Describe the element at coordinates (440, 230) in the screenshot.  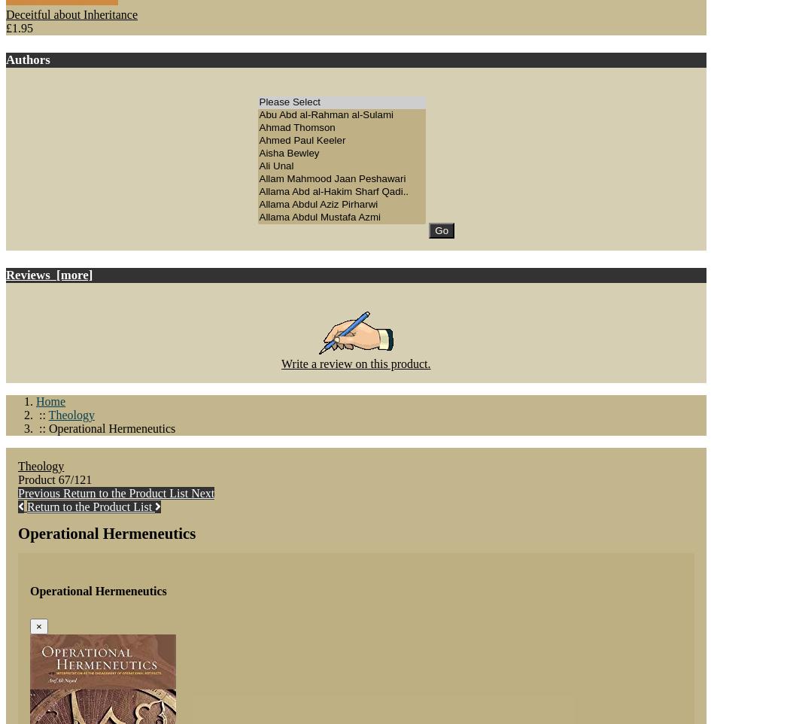
I see `'Go'` at that location.